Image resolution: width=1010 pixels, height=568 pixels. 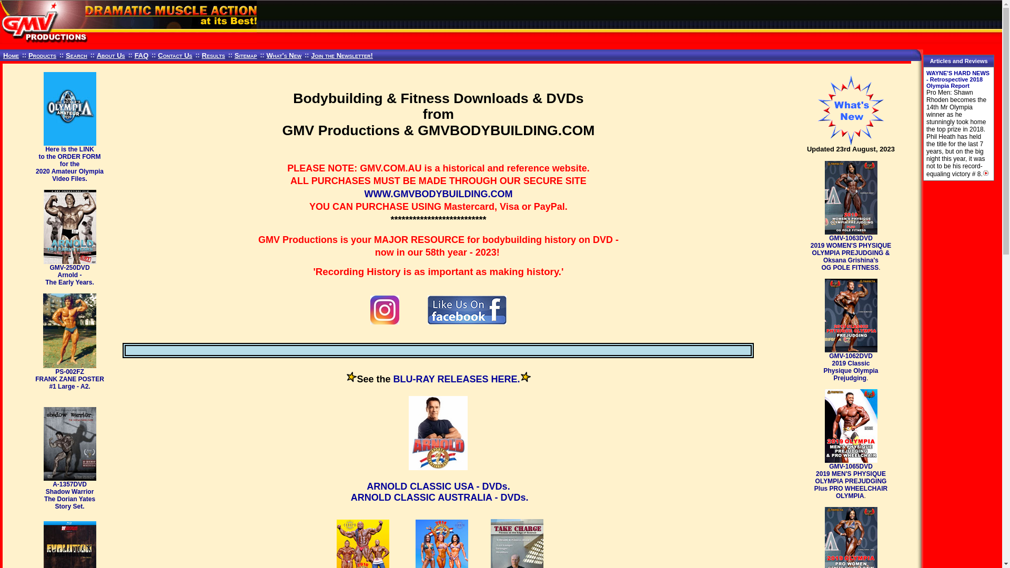 What do you see at coordinates (454, 380) in the screenshot?
I see `'BLU-RAY RELEASES HERE'` at bounding box center [454, 380].